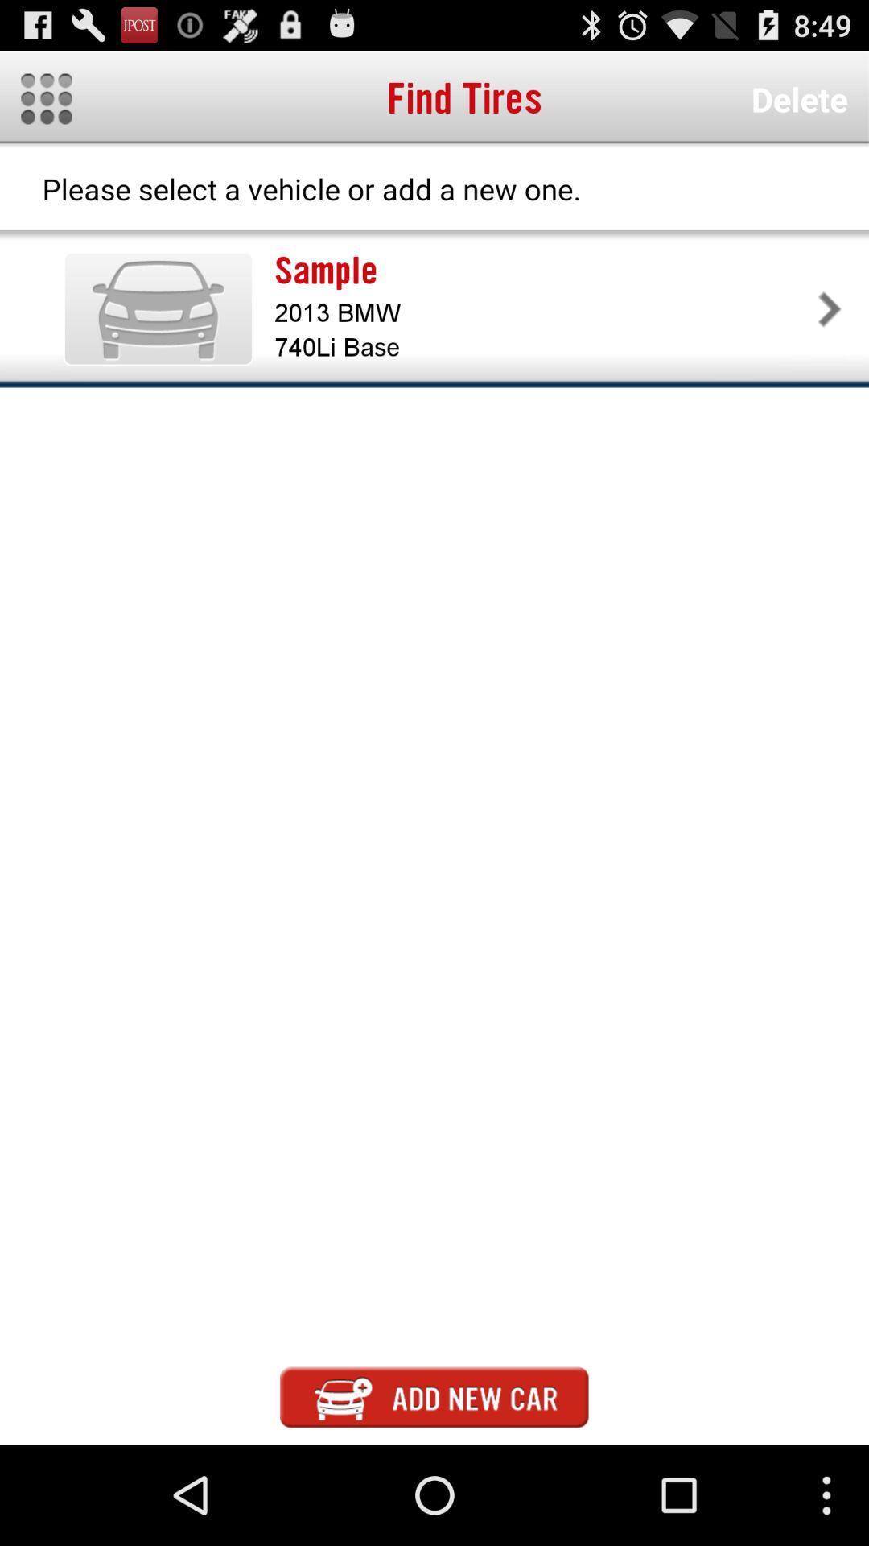  I want to click on item next to the find tires icon, so click(45, 98).